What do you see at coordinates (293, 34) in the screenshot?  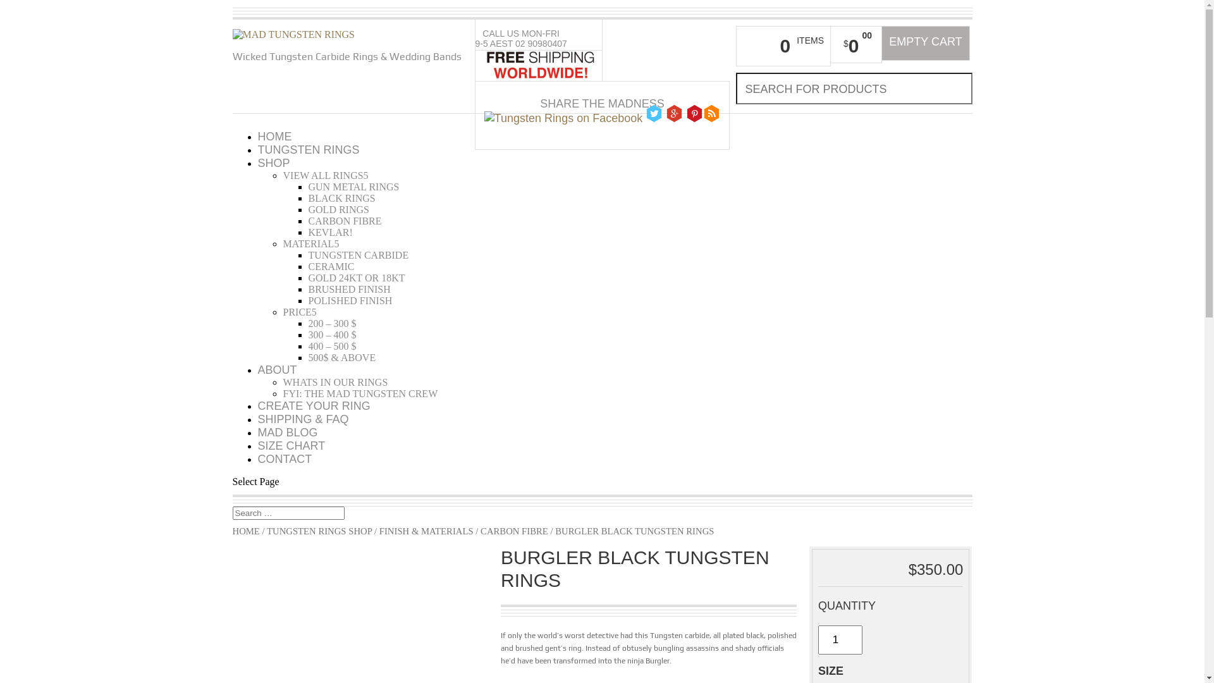 I see `'Mad tungsten rings'` at bounding box center [293, 34].